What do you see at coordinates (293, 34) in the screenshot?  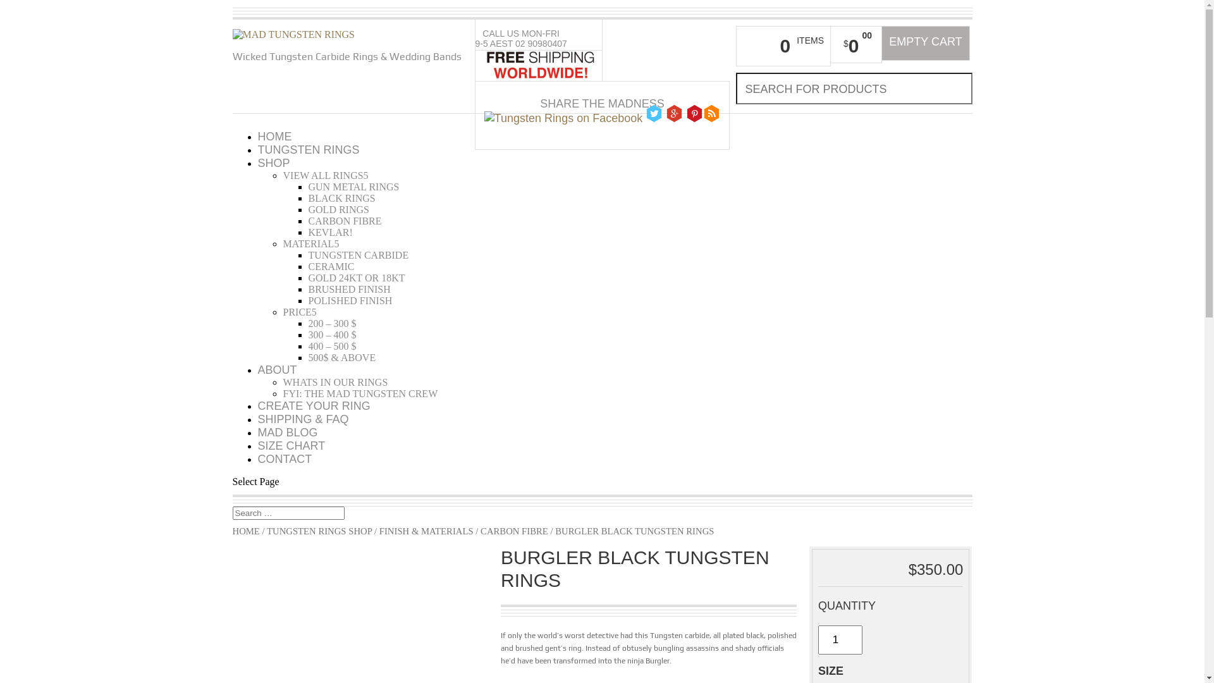 I see `'Mad tungsten rings'` at bounding box center [293, 34].